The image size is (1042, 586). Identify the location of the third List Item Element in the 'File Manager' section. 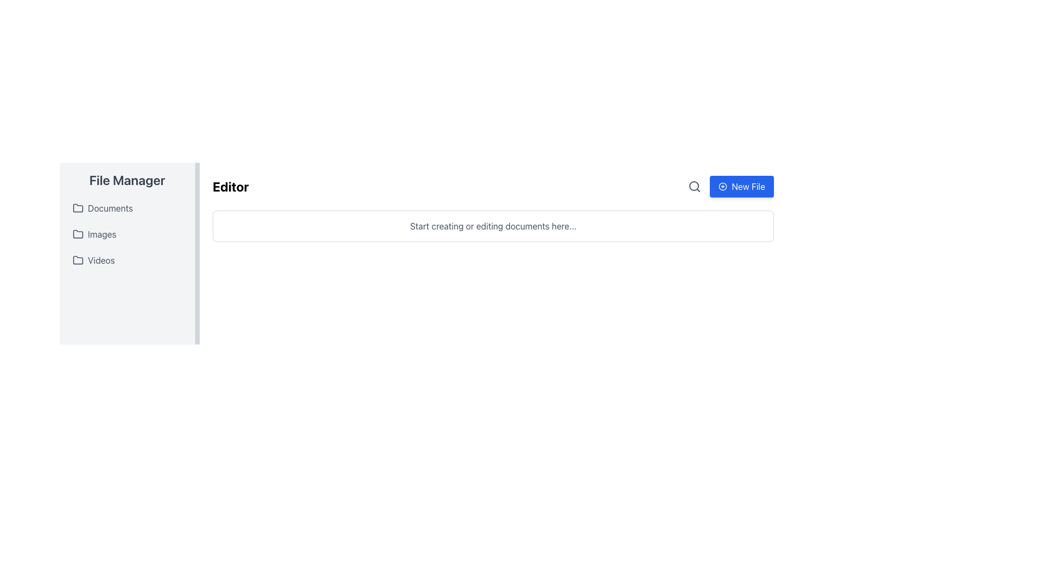
(127, 260).